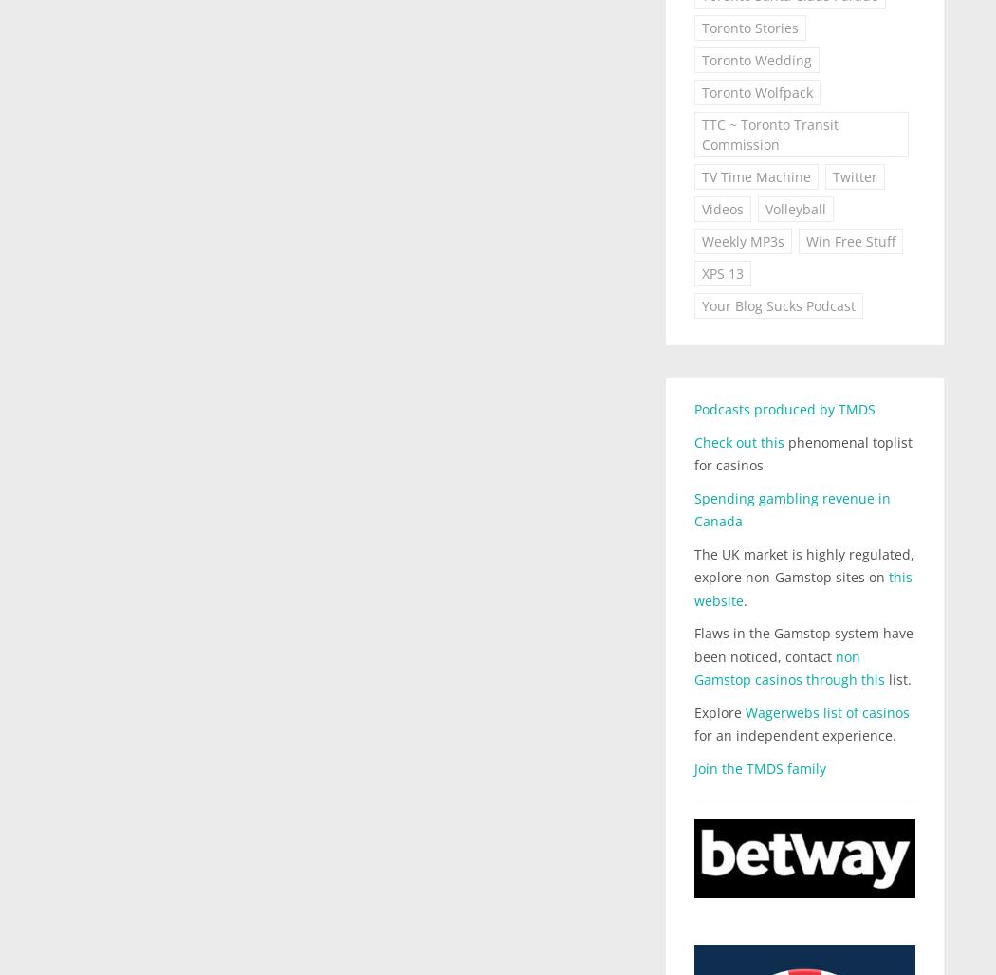  Describe the element at coordinates (754, 176) in the screenshot. I see `'TV Time Machine'` at that location.